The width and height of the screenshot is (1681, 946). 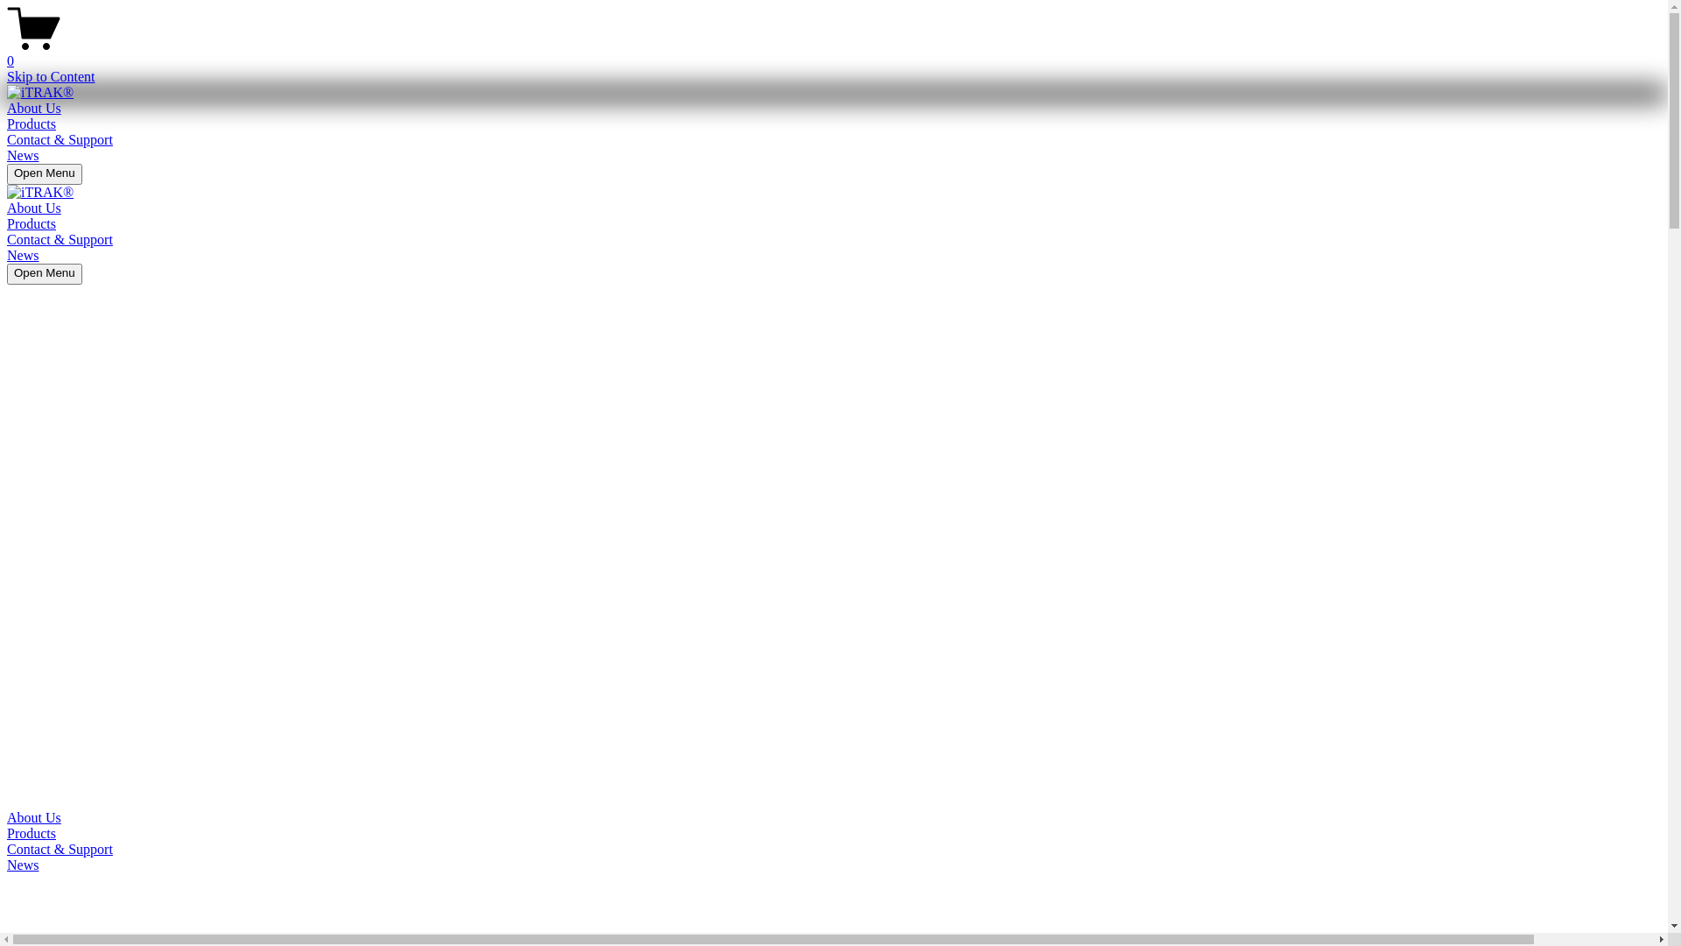 I want to click on 'Open Menu', so click(x=45, y=273).